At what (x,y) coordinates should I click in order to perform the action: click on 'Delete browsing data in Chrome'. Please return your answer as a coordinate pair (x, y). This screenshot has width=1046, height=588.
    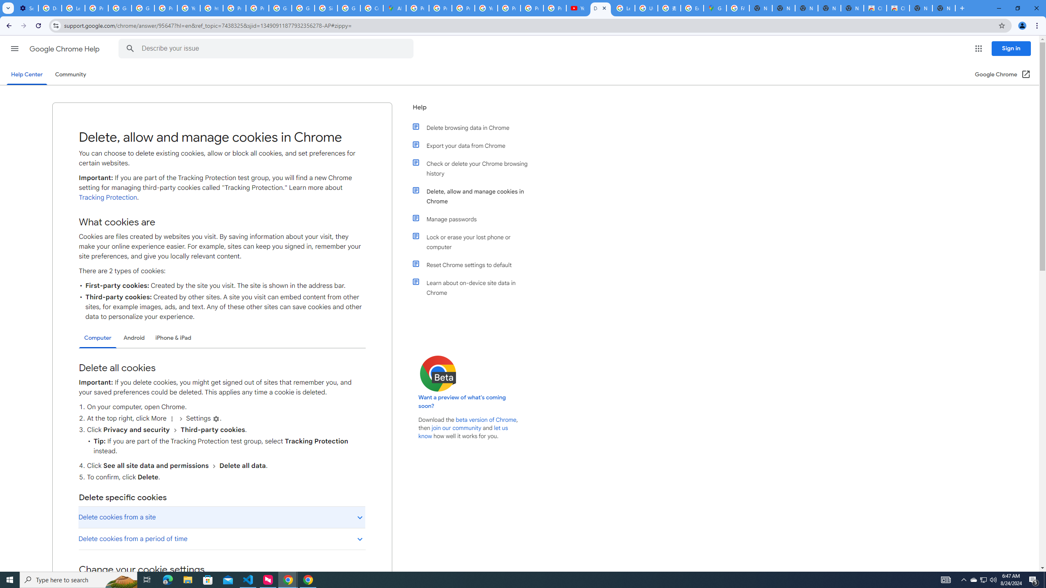
    Looking at the image, I should click on (475, 128).